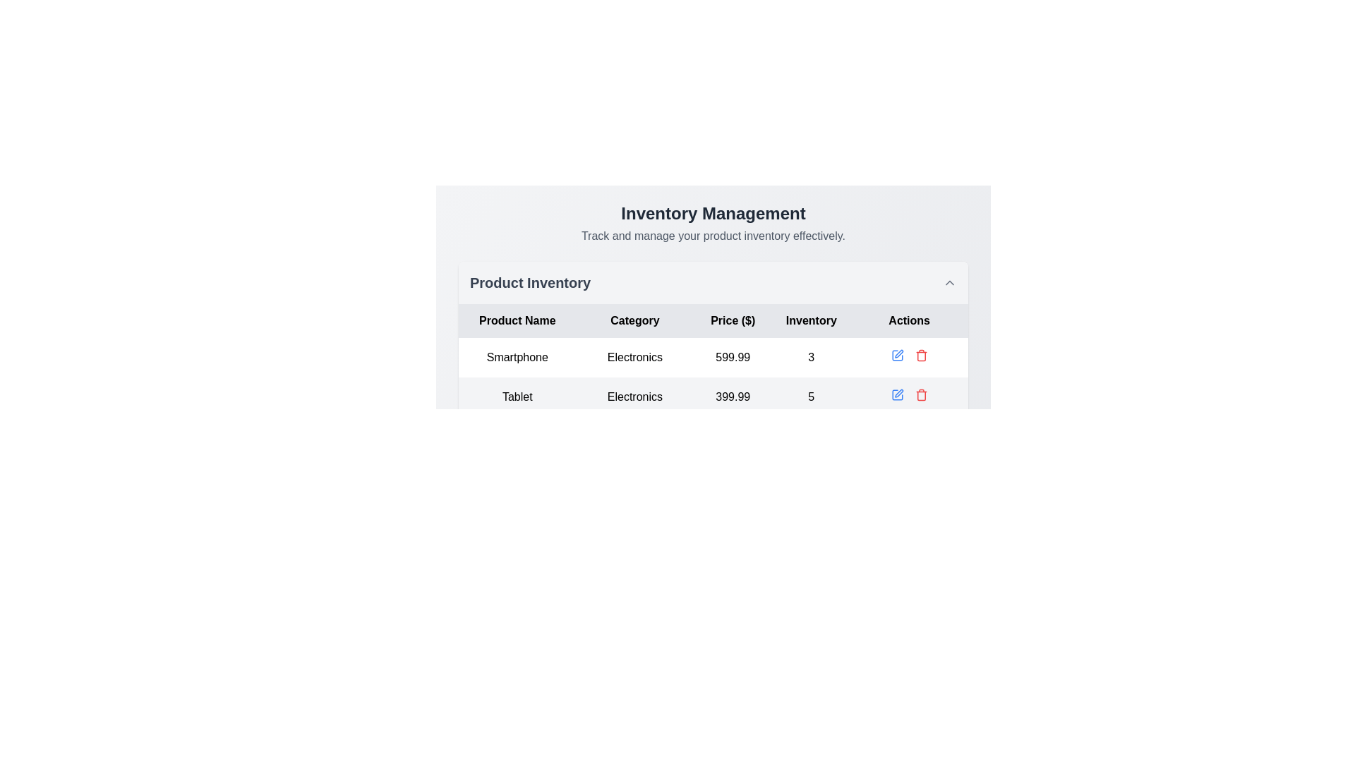 Image resolution: width=1355 pixels, height=762 pixels. What do you see at coordinates (921, 396) in the screenshot?
I see `the trash icon representing the delete action for the 'Tablet' product line in the second row of the table` at bounding box center [921, 396].